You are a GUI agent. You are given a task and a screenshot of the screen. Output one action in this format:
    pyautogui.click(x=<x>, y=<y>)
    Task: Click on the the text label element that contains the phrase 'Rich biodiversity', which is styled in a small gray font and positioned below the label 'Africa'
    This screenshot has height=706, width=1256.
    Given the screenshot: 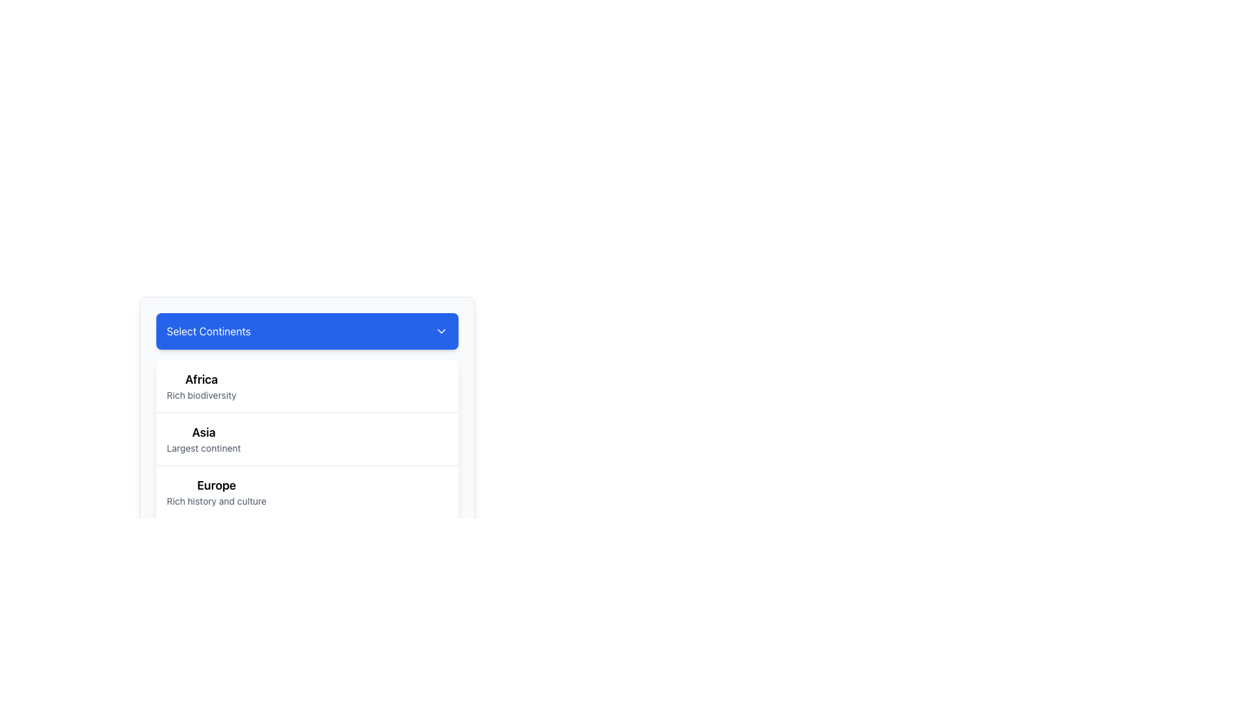 What is the action you would take?
    pyautogui.click(x=201, y=395)
    